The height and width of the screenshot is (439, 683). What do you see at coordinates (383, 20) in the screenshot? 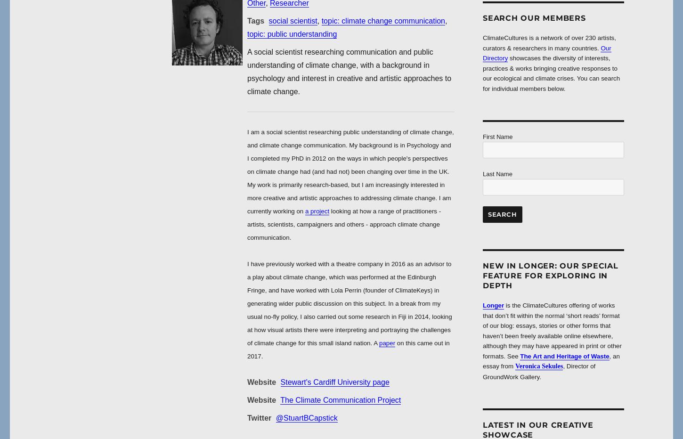
I see `'topic: climate change communication'` at bounding box center [383, 20].